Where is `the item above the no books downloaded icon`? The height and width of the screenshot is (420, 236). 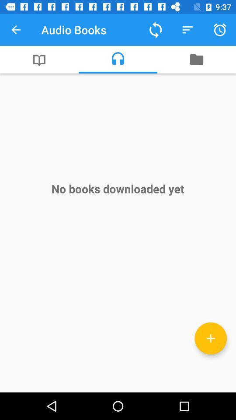
the item above the no books downloaded icon is located at coordinates (39, 59).